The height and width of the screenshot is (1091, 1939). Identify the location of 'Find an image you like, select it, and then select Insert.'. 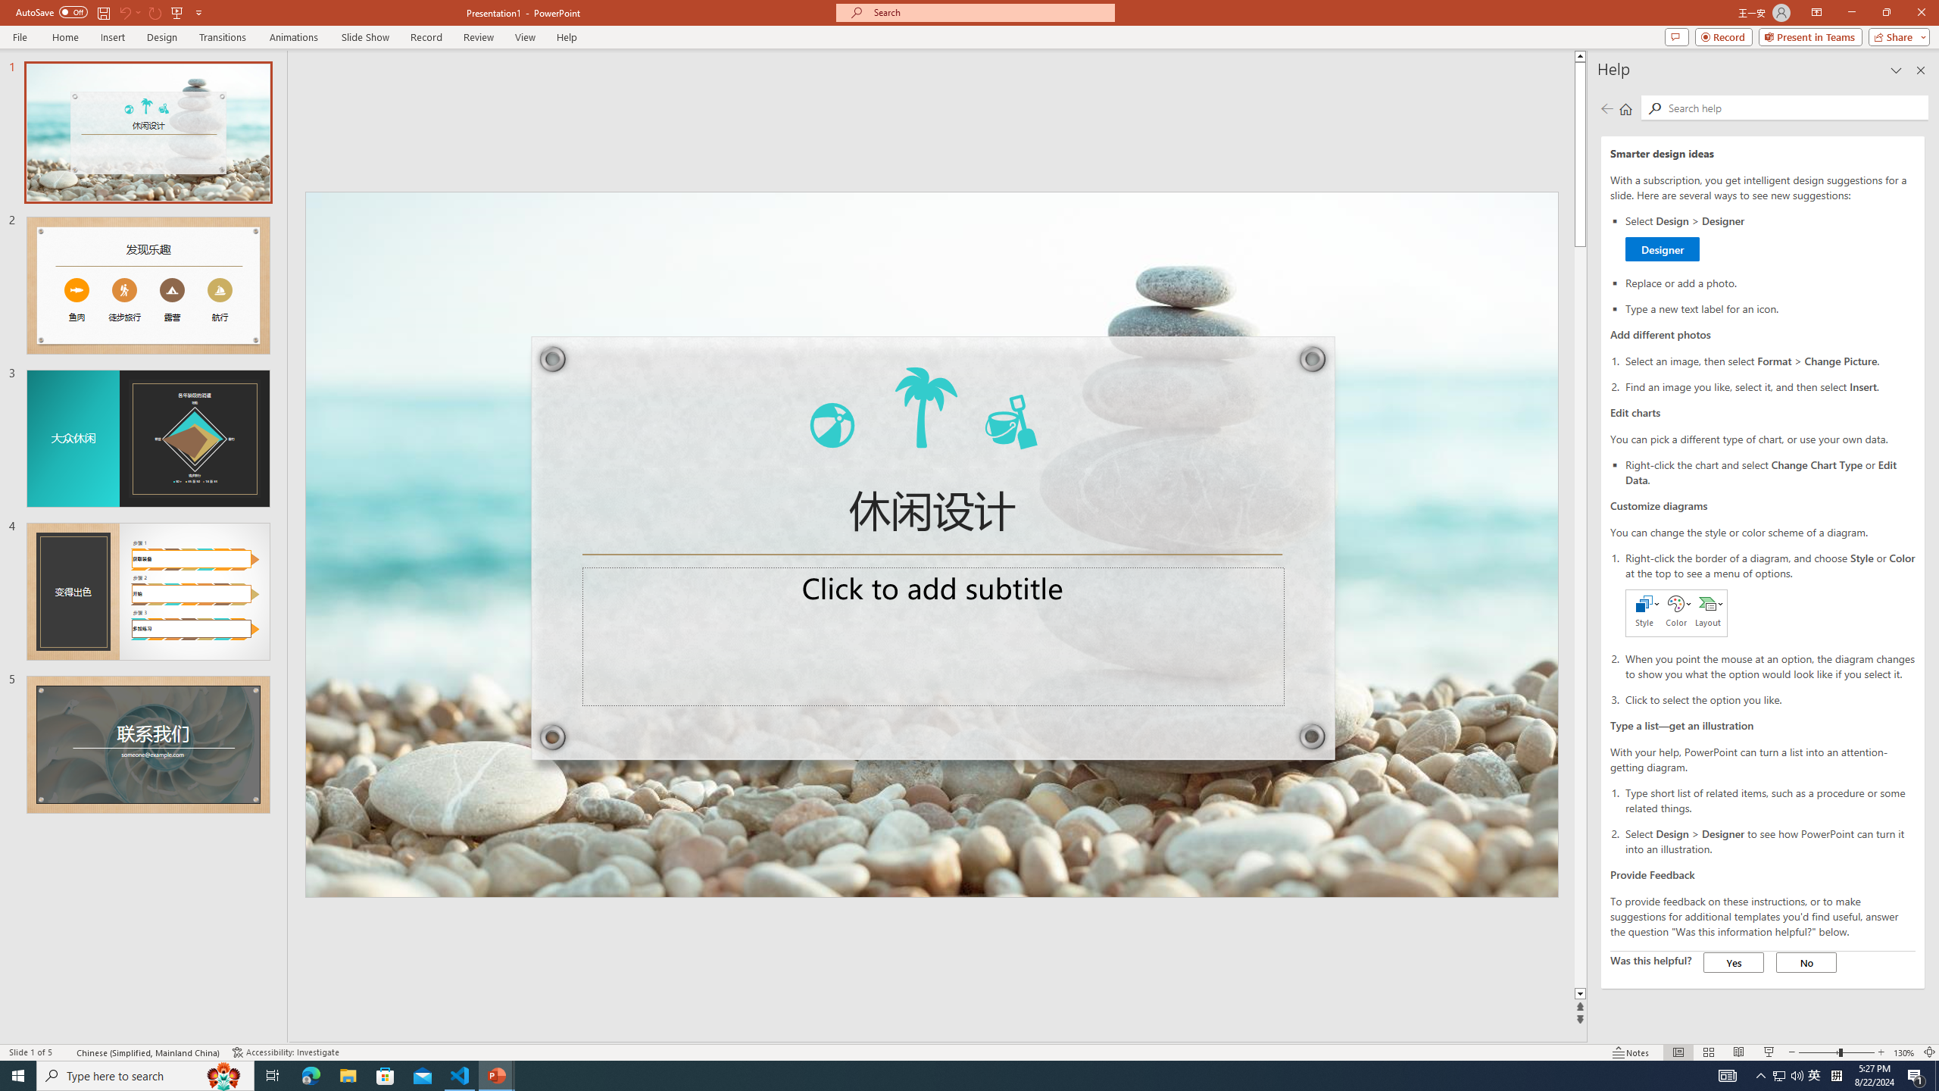
(1769, 386).